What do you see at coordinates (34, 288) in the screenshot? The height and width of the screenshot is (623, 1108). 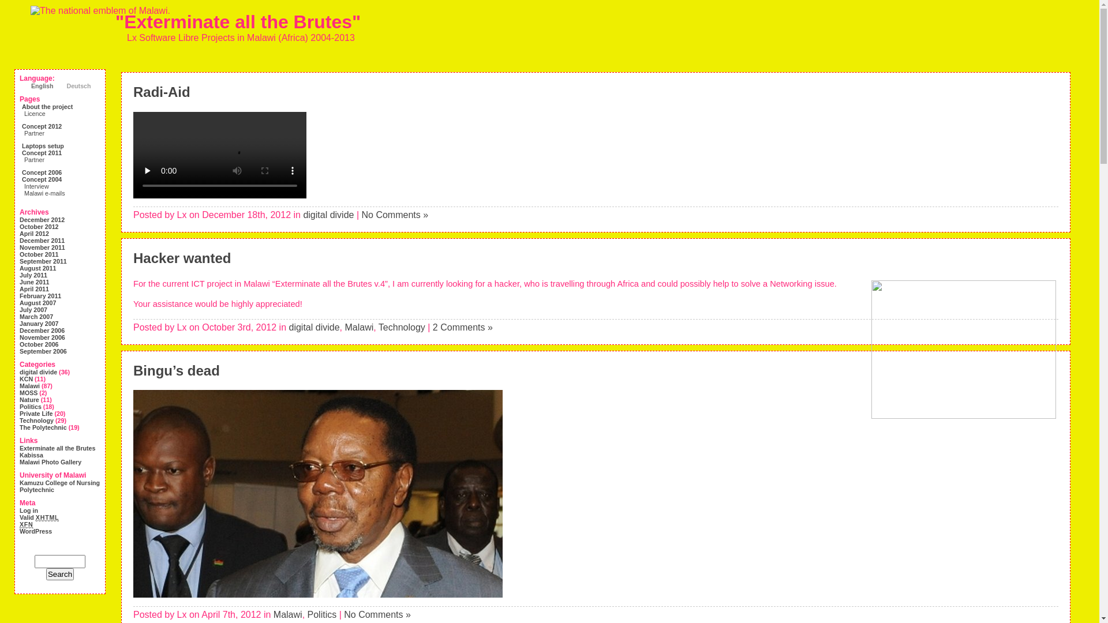 I see `'April 2011'` at bounding box center [34, 288].